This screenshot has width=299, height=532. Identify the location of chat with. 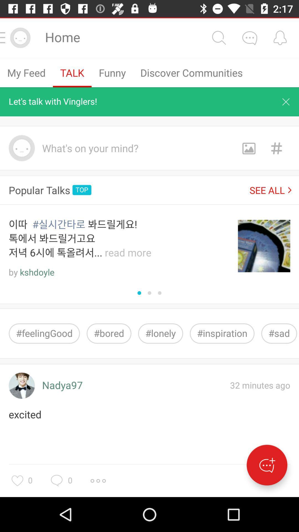
(249, 37).